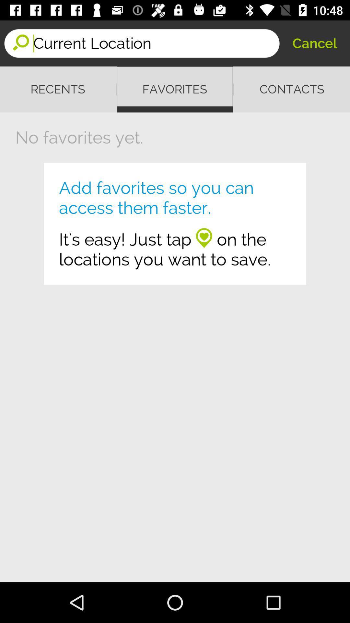  What do you see at coordinates (314, 43) in the screenshot?
I see `the item to the right of the current location` at bounding box center [314, 43].